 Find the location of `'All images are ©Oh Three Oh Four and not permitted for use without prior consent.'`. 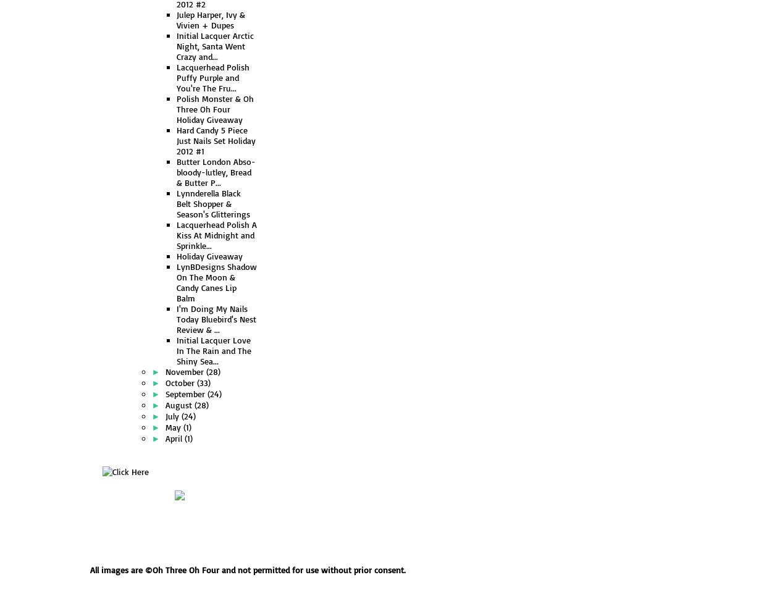

'All images are ©Oh Three Oh Four and not permitted for use without prior consent.' is located at coordinates (247, 570).